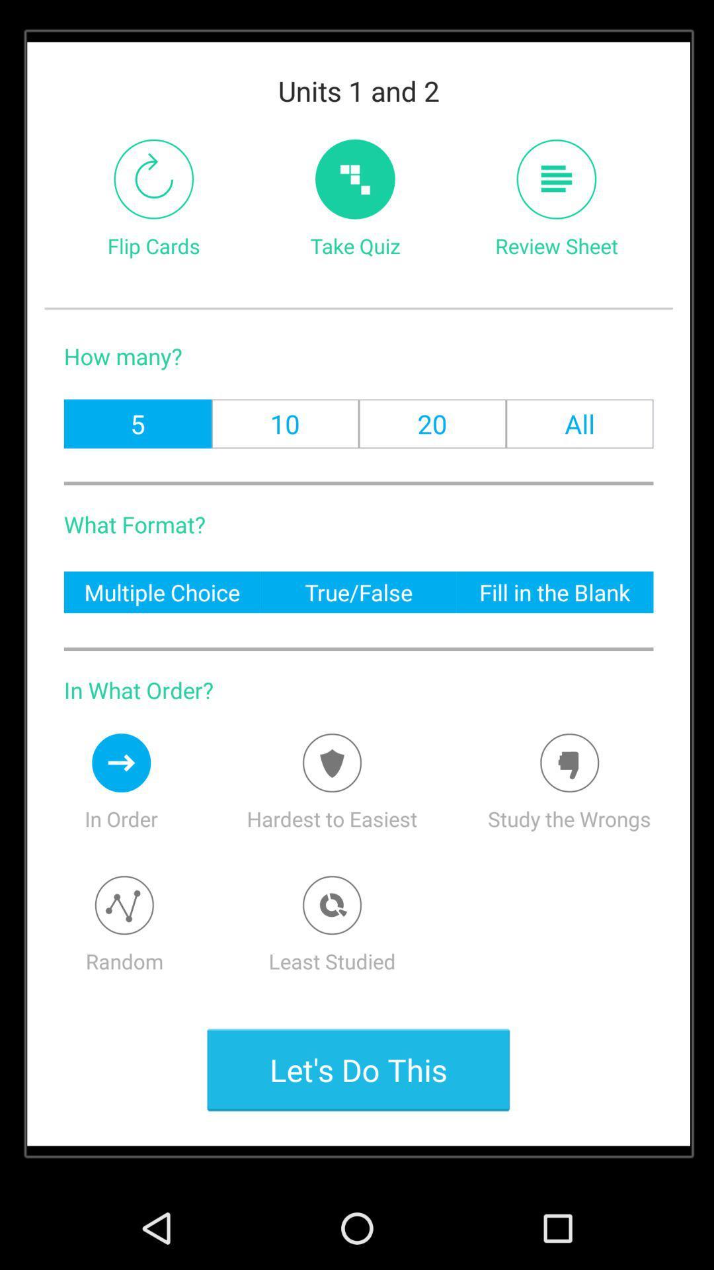  What do you see at coordinates (124, 904) in the screenshot?
I see `randomize the questions` at bounding box center [124, 904].